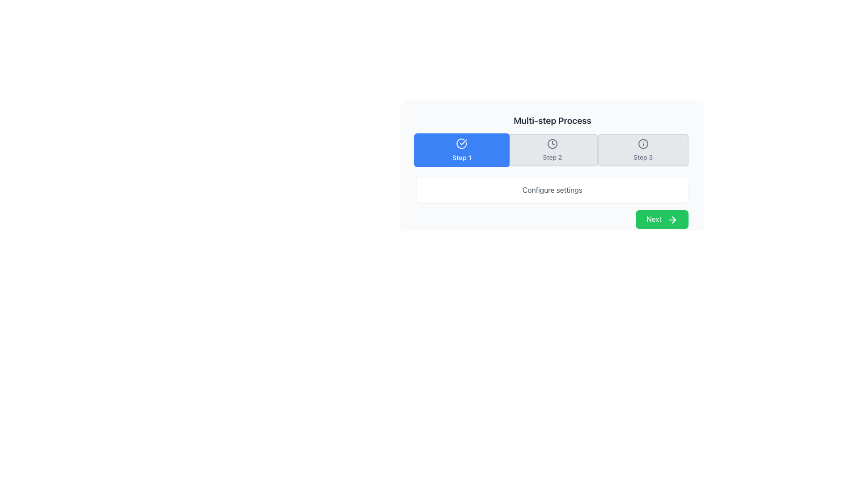 The image size is (859, 483). I want to click on the button that proceeds to the next step in the multi-step interface, located at the bottom-right corner of the interface, so click(662, 219).